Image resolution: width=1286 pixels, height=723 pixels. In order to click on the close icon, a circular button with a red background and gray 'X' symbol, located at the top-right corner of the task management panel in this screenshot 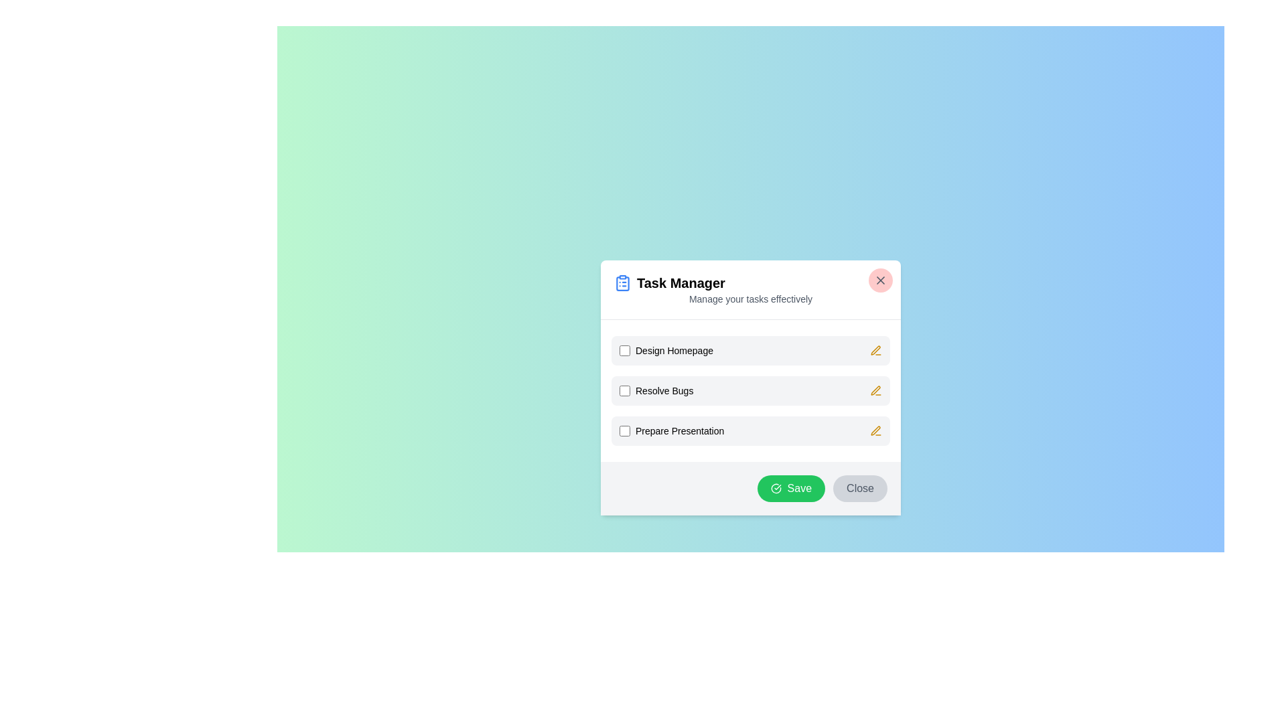, I will do `click(881, 278)`.